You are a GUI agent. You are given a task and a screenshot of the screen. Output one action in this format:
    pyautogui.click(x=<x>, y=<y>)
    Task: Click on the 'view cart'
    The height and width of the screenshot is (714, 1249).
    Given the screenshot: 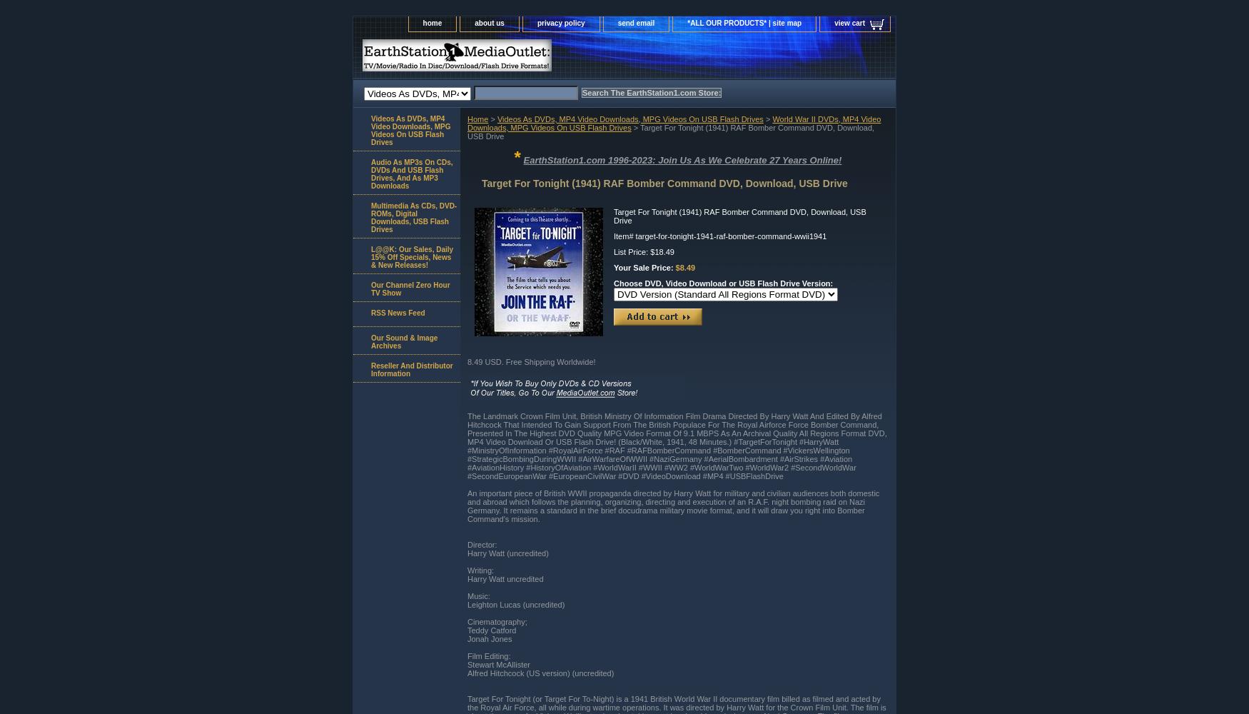 What is the action you would take?
    pyautogui.click(x=834, y=23)
    